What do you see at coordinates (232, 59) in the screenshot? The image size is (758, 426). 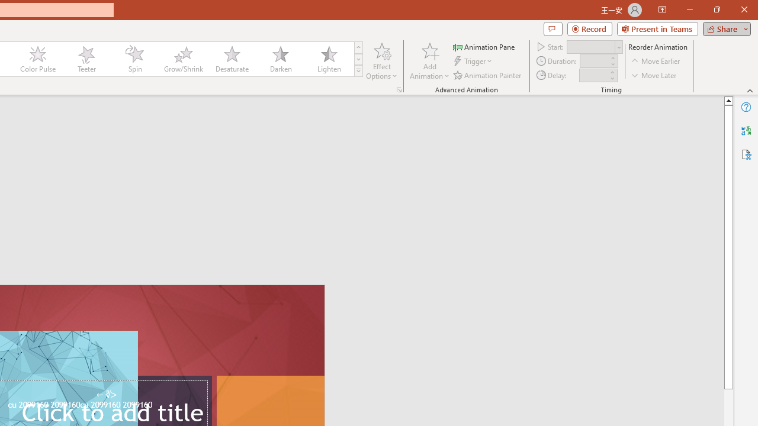 I see `'Desaturate'` at bounding box center [232, 59].